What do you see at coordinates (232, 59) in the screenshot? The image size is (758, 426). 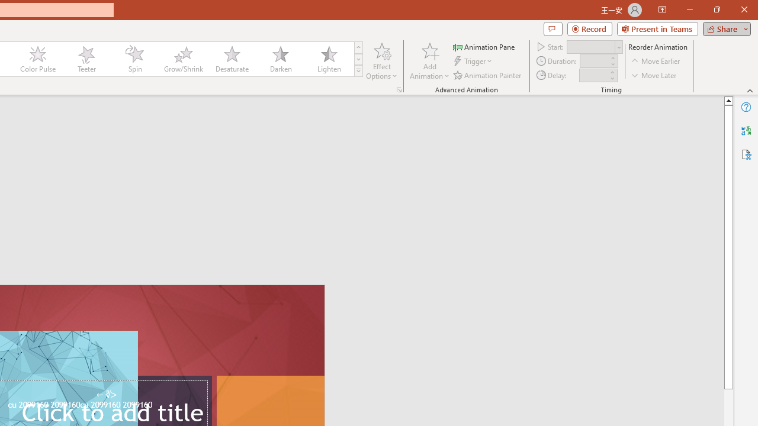 I see `'Desaturate'` at bounding box center [232, 59].